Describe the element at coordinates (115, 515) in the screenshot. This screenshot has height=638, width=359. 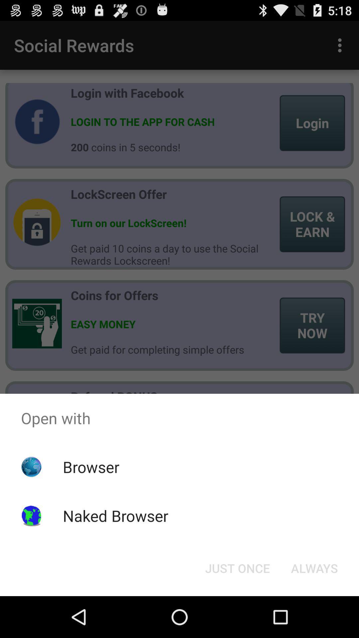
I see `the naked browser icon` at that location.